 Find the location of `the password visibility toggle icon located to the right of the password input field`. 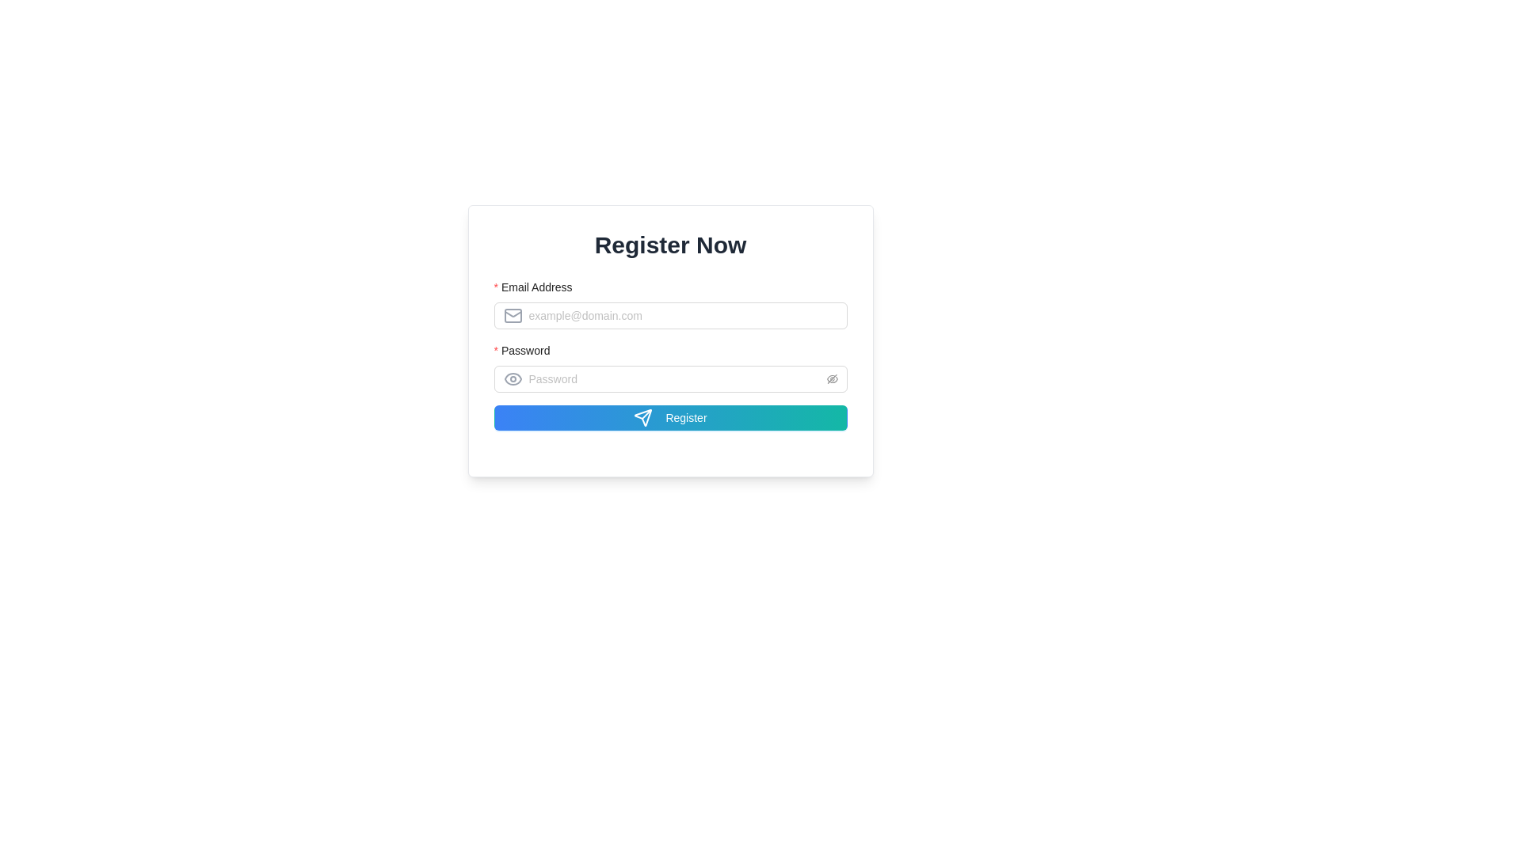

the password visibility toggle icon located to the right of the password input field is located at coordinates (831, 378).